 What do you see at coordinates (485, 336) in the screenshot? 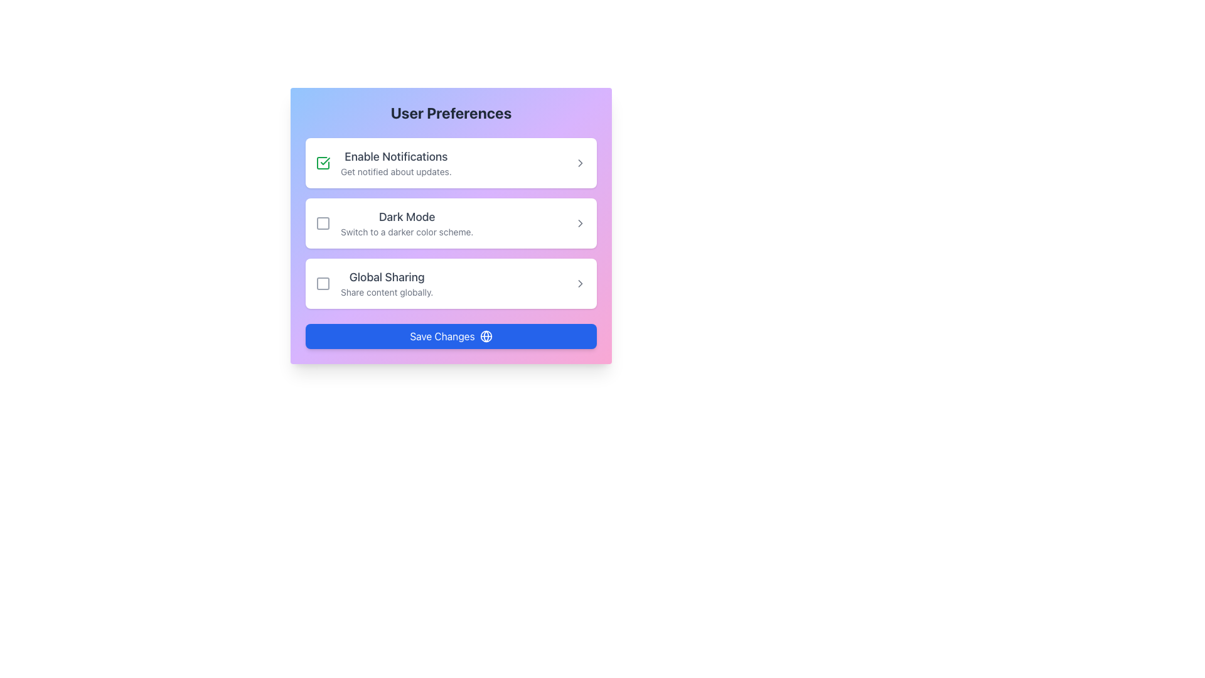
I see `the globe icon, which is a blue globe icon with thin vector lines located within the 'Save Changes' button, positioned to the right of the button text` at bounding box center [485, 336].